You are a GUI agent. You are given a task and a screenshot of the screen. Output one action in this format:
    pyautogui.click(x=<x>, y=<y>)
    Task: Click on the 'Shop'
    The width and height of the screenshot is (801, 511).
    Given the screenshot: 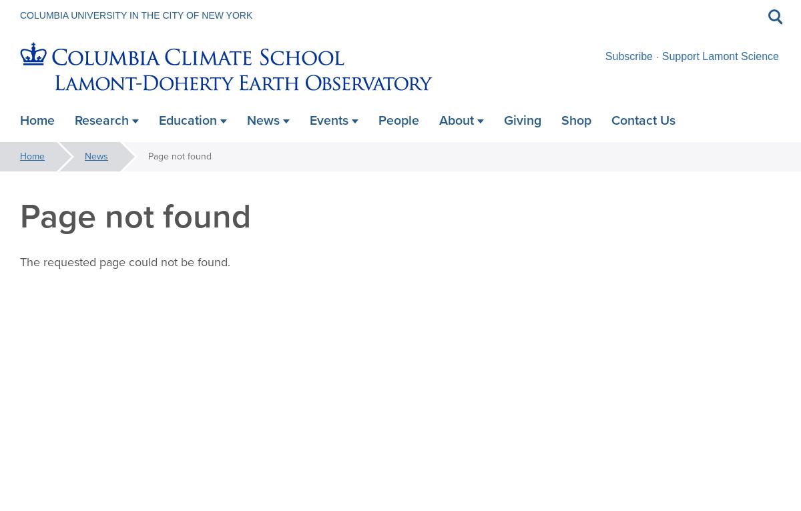 What is the action you would take?
    pyautogui.click(x=560, y=119)
    